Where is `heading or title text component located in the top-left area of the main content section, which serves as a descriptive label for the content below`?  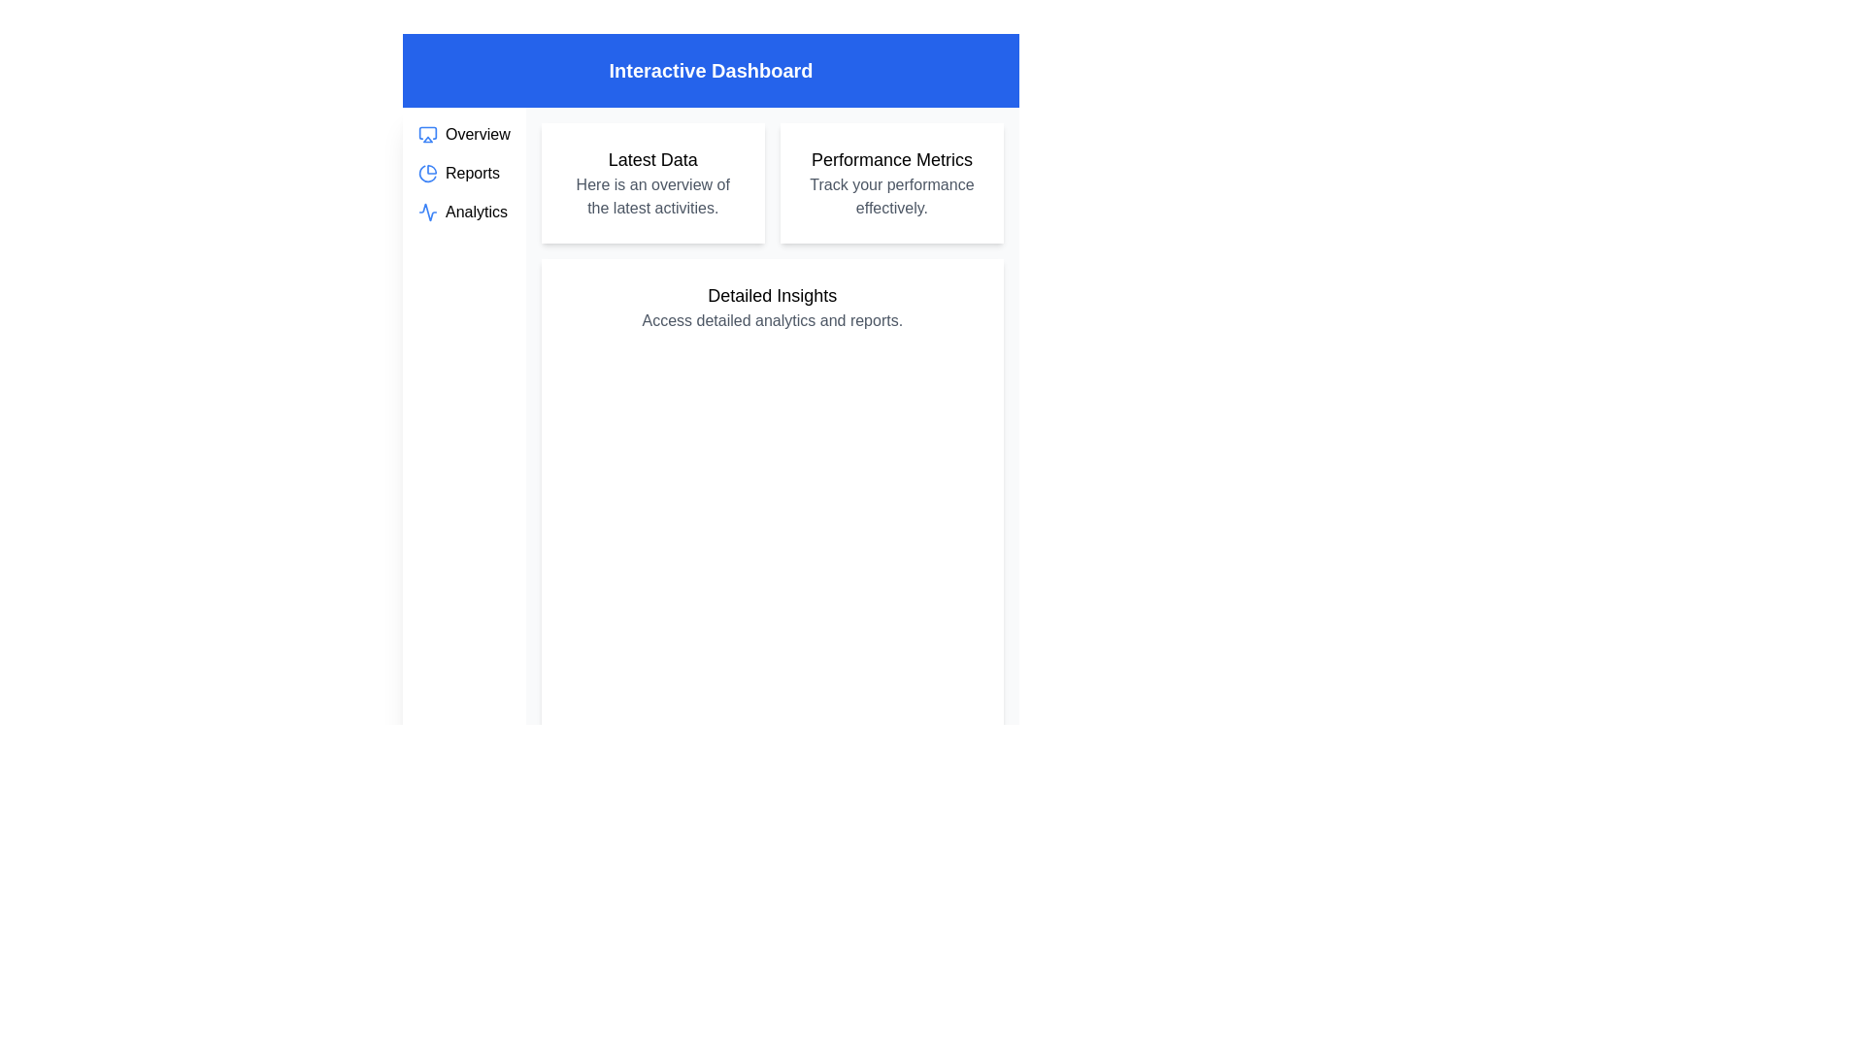 heading or title text component located in the top-left area of the main content section, which serves as a descriptive label for the content below is located at coordinates (652, 159).